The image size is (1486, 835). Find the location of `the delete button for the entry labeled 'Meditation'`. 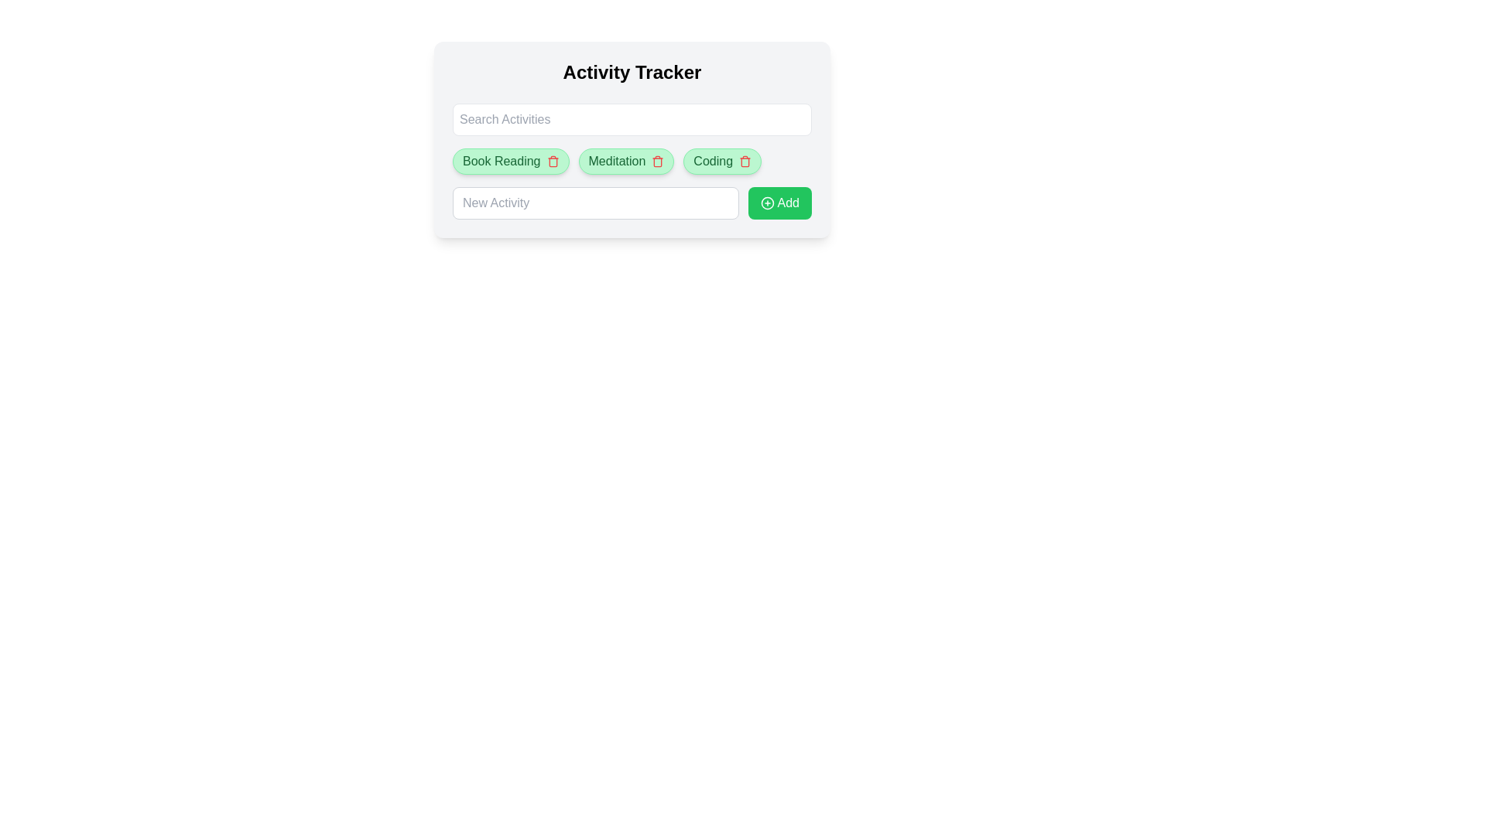

the delete button for the entry labeled 'Meditation' is located at coordinates (658, 161).